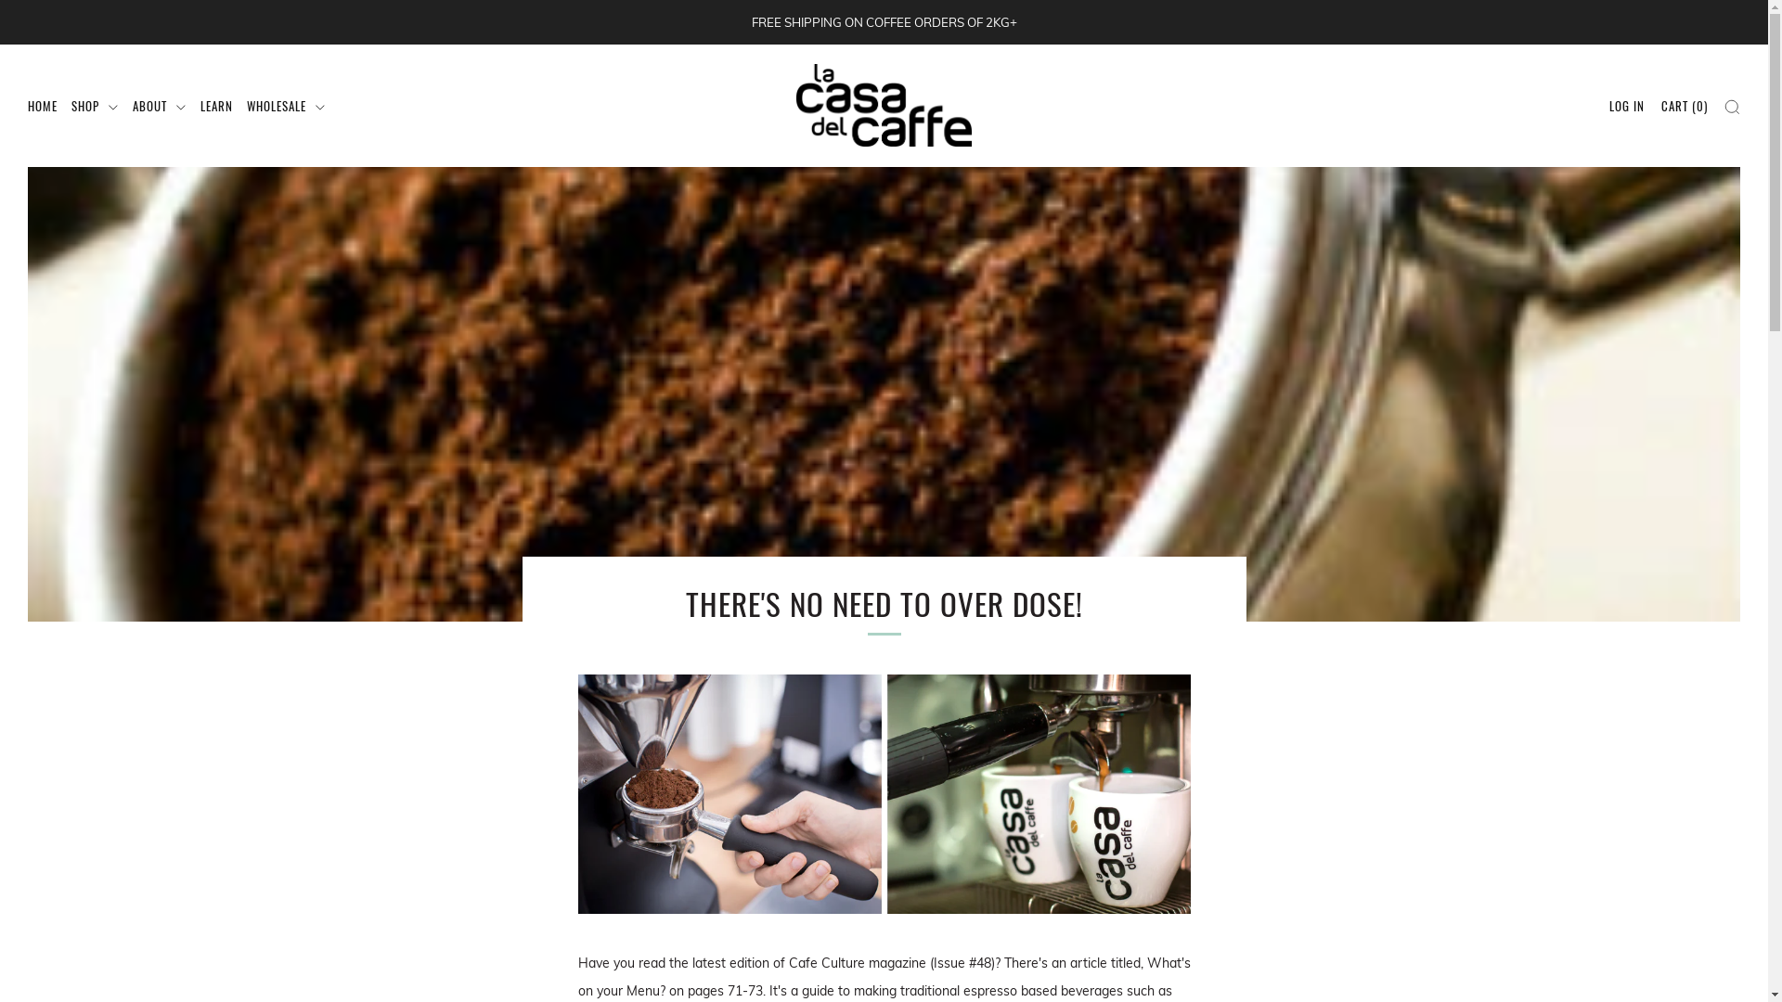 The image size is (1782, 1002). What do you see at coordinates (216, 106) in the screenshot?
I see `'LEARN'` at bounding box center [216, 106].